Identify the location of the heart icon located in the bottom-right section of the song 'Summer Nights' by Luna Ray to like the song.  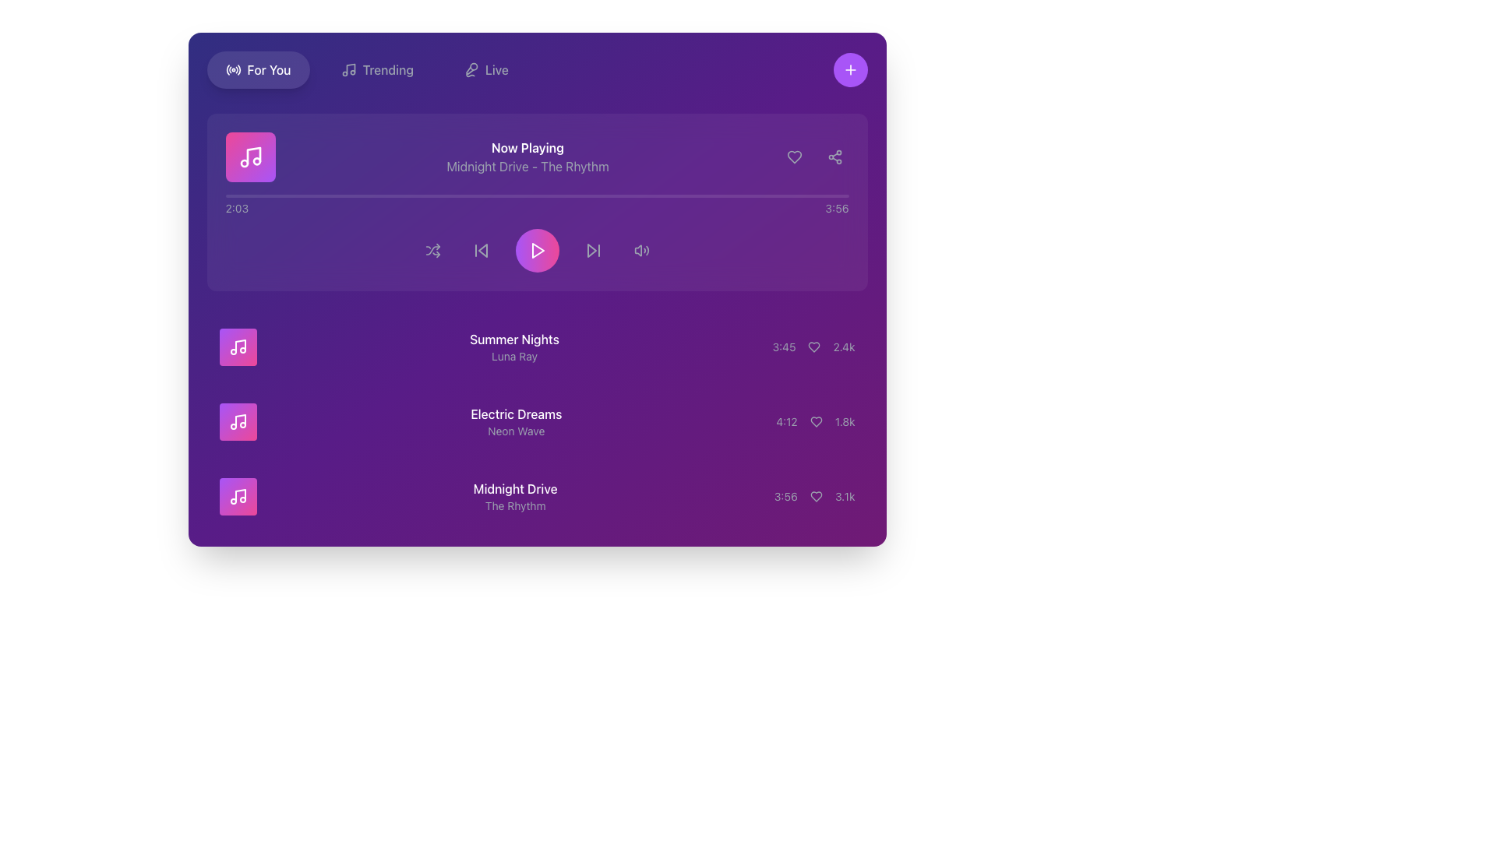
(813, 347).